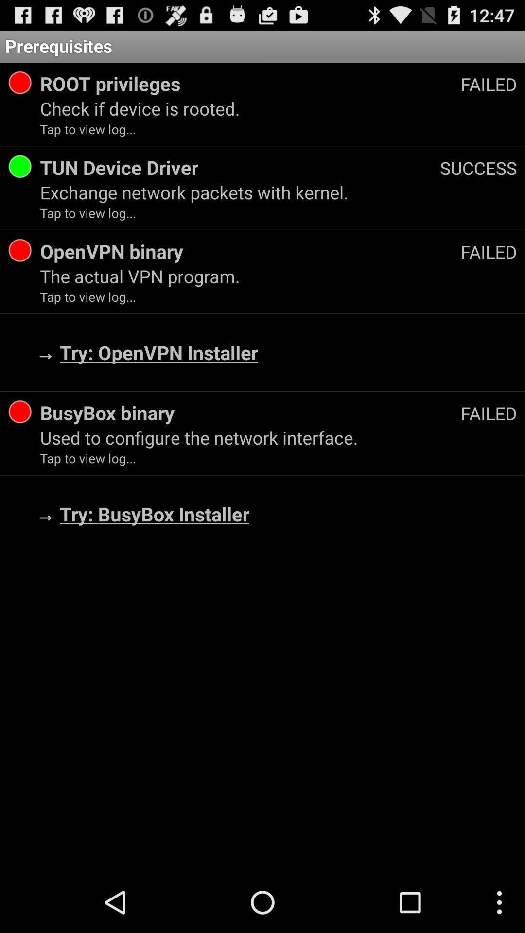  What do you see at coordinates (478, 168) in the screenshot?
I see `item below check if device app` at bounding box center [478, 168].